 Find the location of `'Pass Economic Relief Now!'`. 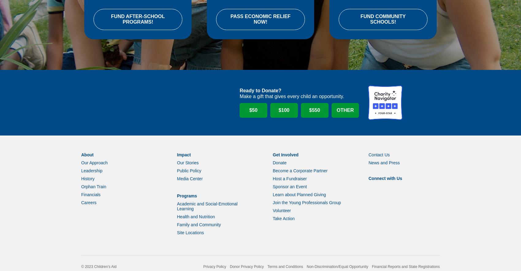

'Pass Economic Relief Now!' is located at coordinates (260, 27).